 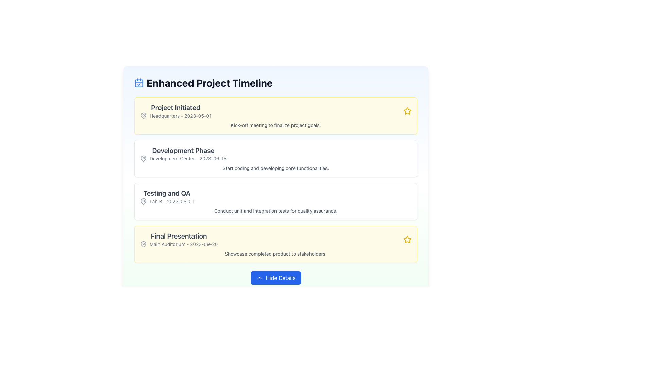 What do you see at coordinates (167, 201) in the screenshot?
I see `the text element displaying 'Lab B - 2023-08-01' with a map pin icon, located in the 'Testing and QA' section, below the section title` at bounding box center [167, 201].